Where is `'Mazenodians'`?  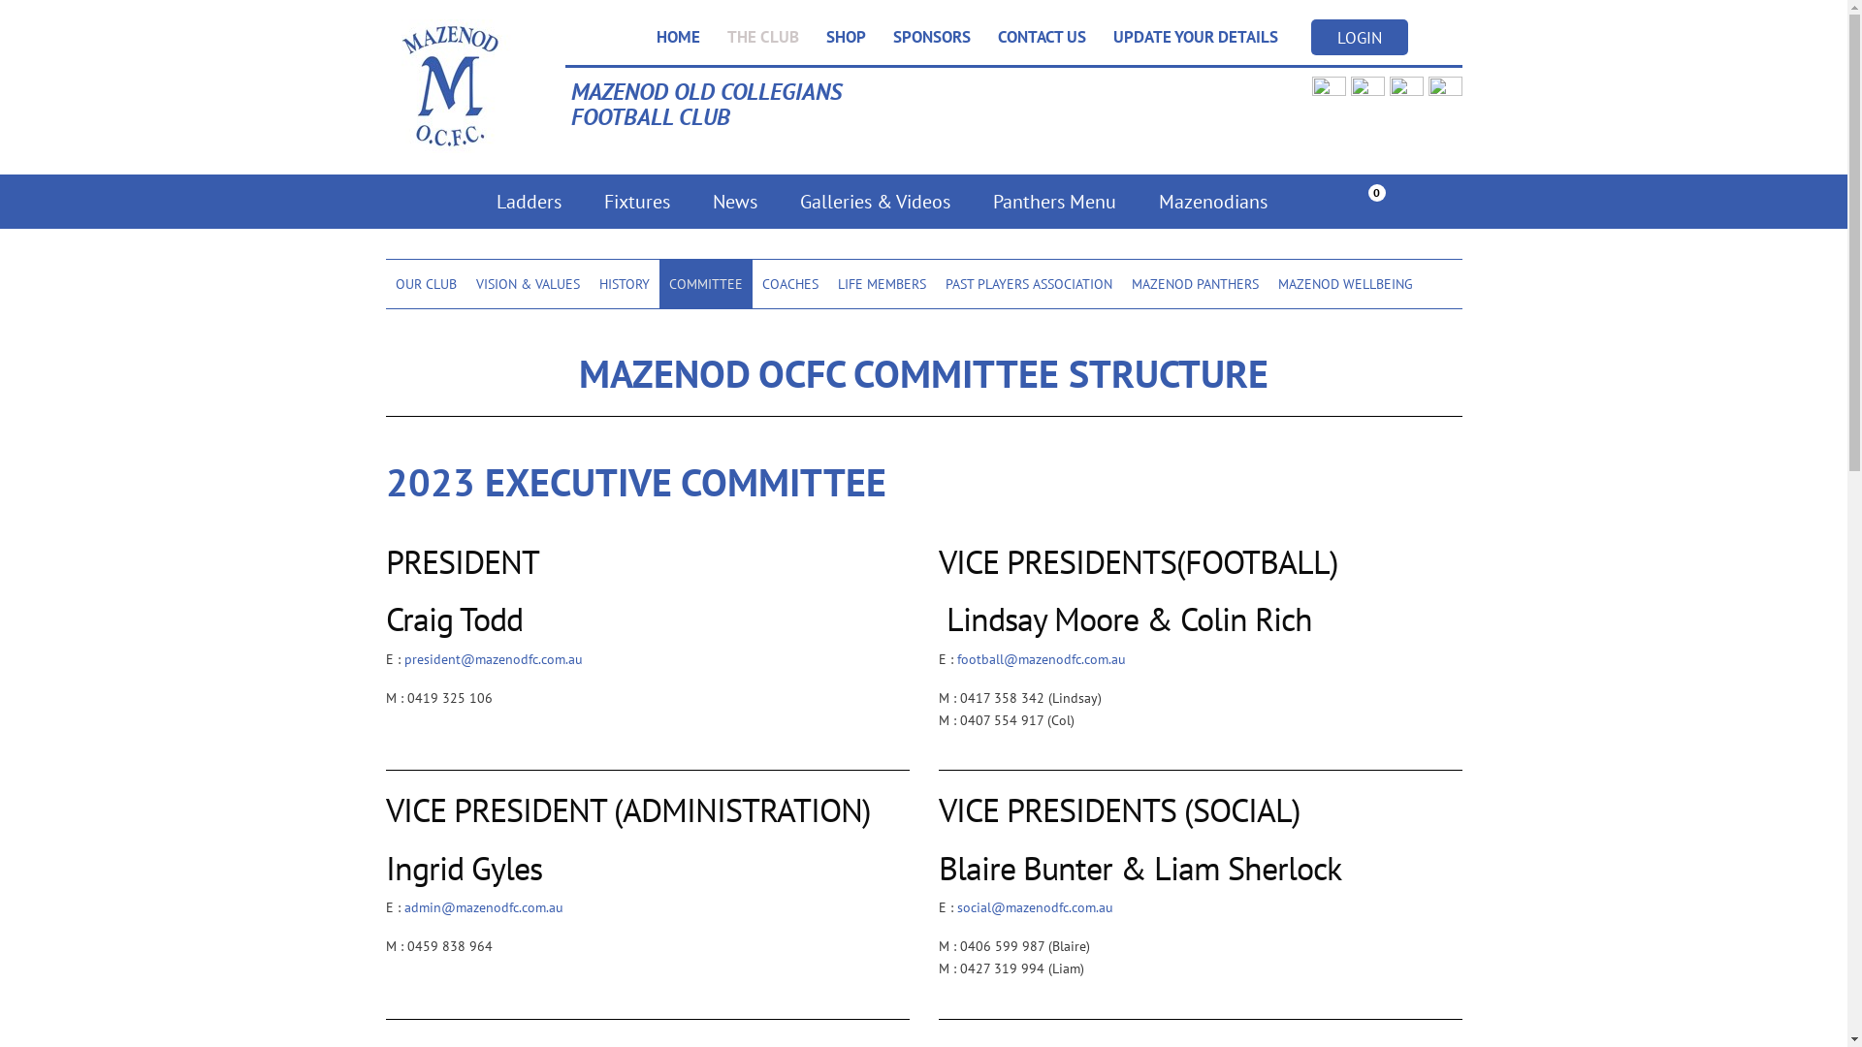
'Mazenodians' is located at coordinates (1210, 202).